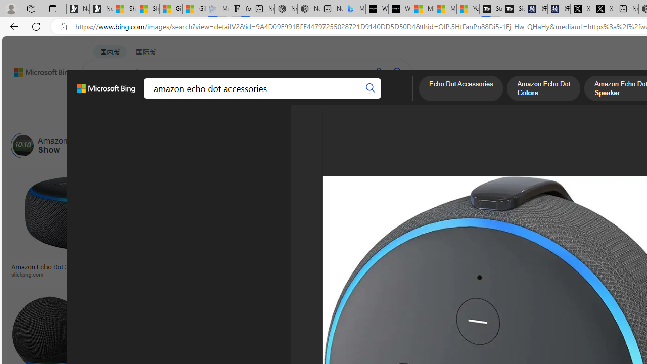 This screenshot has height=364, width=647. What do you see at coordinates (102, 99) in the screenshot?
I see `'WEB'` at bounding box center [102, 99].